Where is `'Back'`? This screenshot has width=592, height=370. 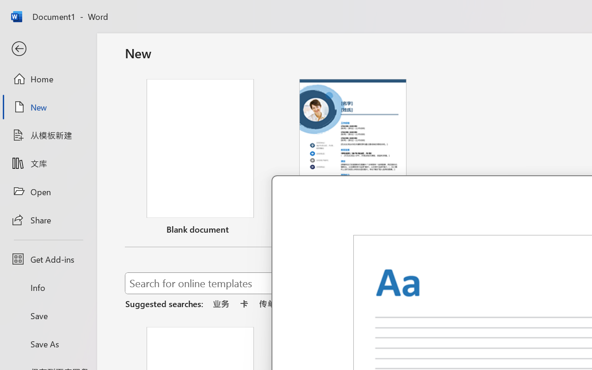
'Back' is located at coordinates (48, 49).